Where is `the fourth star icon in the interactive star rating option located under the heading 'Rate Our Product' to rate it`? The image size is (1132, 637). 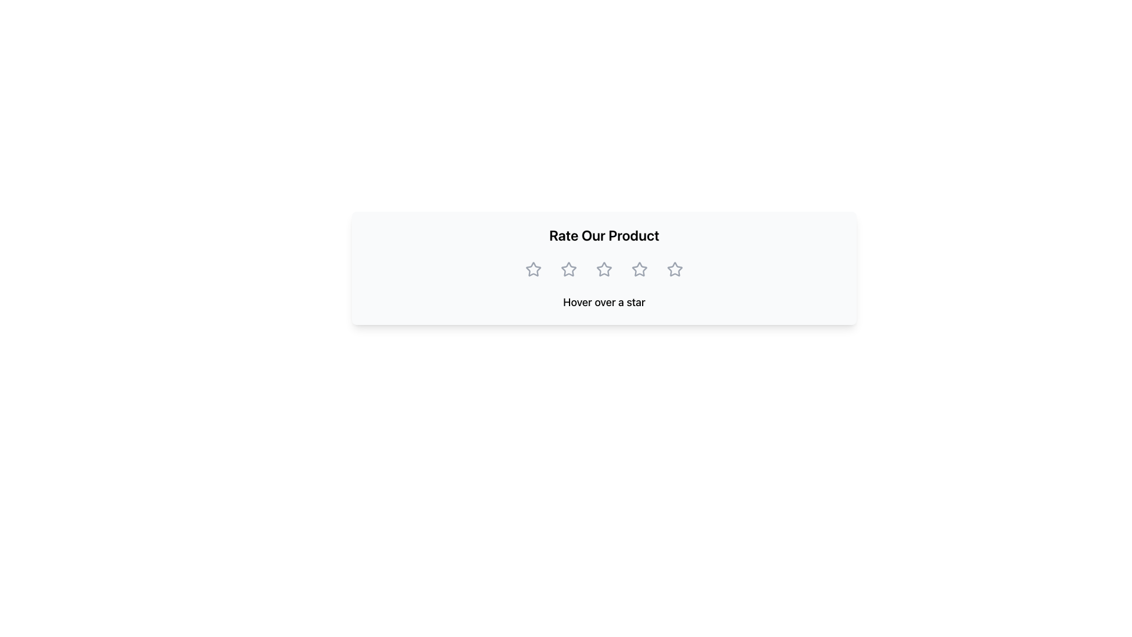 the fourth star icon in the interactive star rating option located under the heading 'Rate Our Product' to rate it is located at coordinates (639, 269).